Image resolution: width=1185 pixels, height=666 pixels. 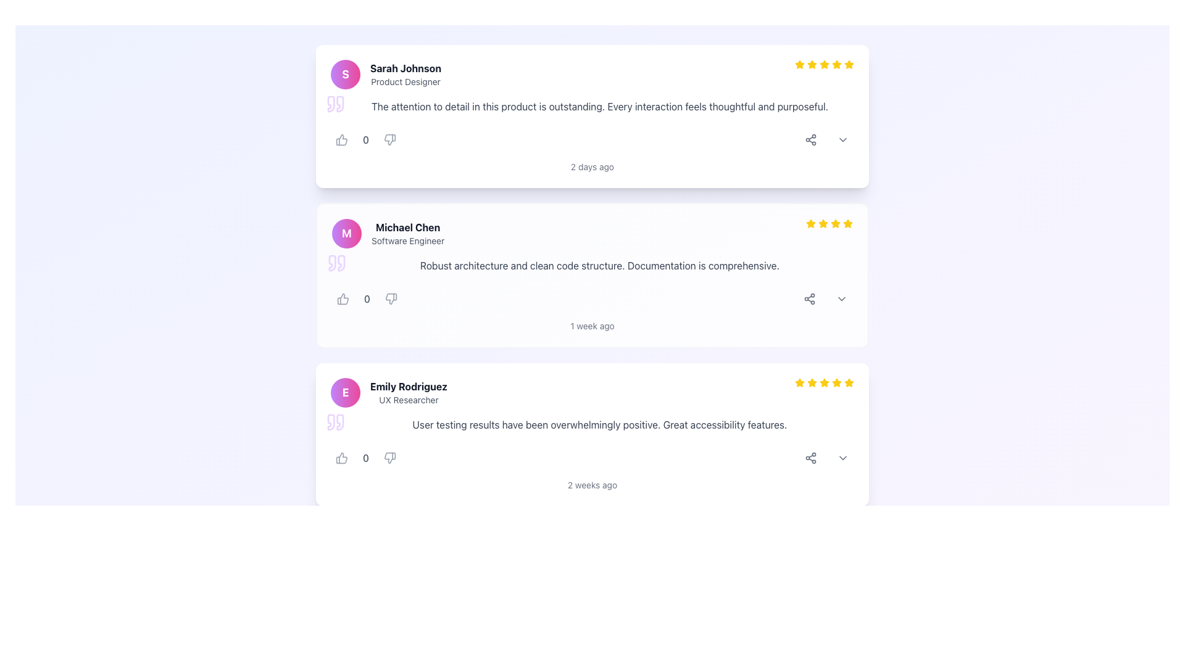 I want to click on the thumbs-up icon in the upvote area of the comment card layout, so click(x=343, y=299).